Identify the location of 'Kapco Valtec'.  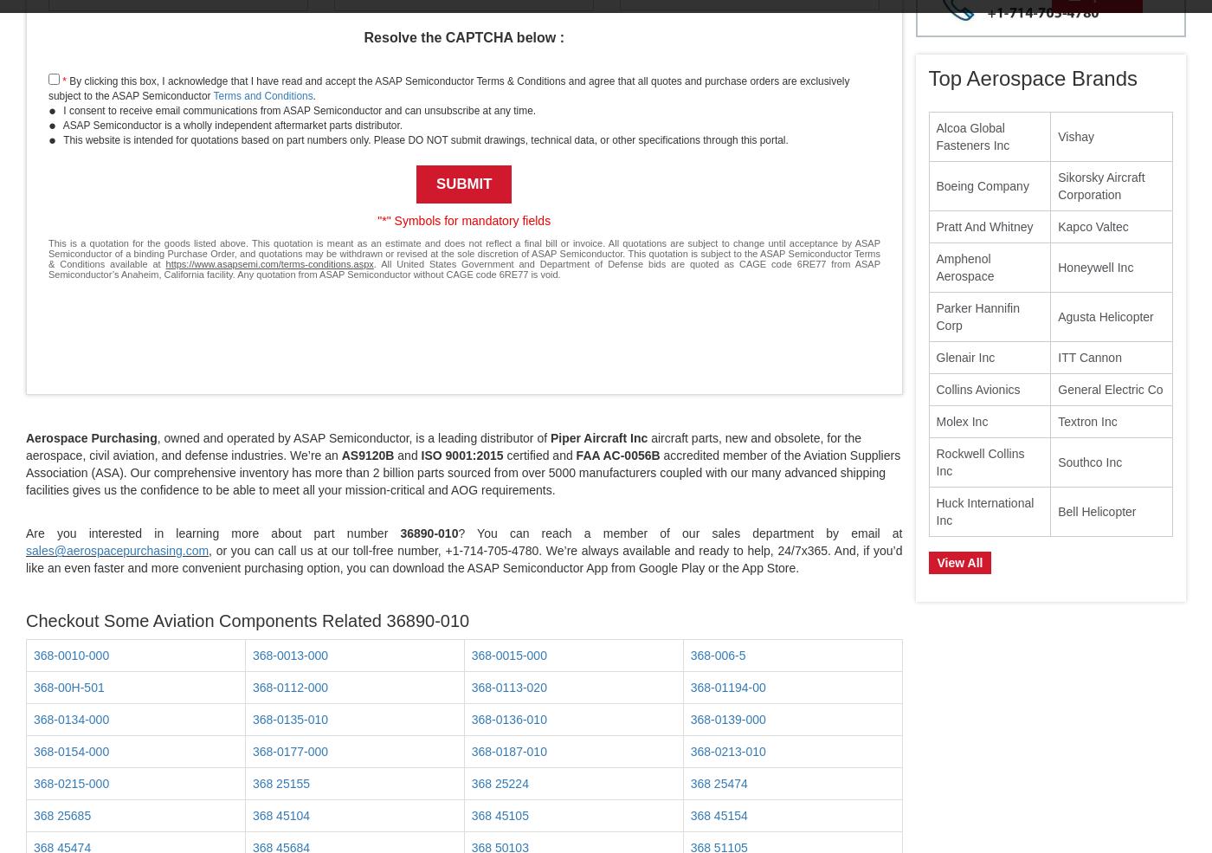
(1058, 226).